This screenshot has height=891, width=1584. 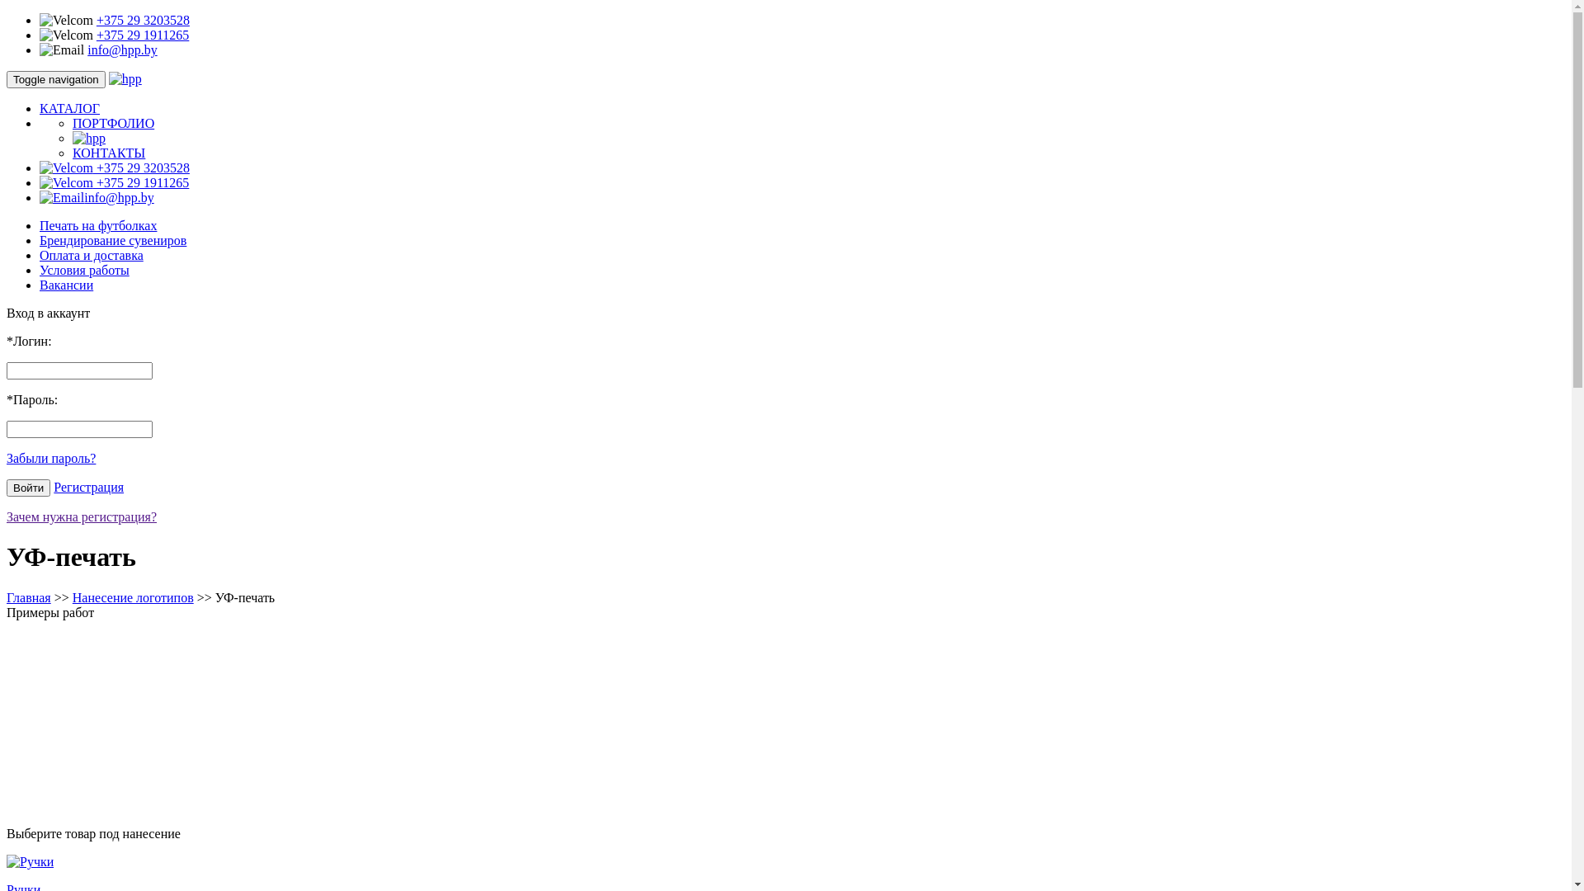 What do you see at coordinates (113, 182) in the screenshot?
I see `'+375 29 1911265'` at bounding box center [113, 182].